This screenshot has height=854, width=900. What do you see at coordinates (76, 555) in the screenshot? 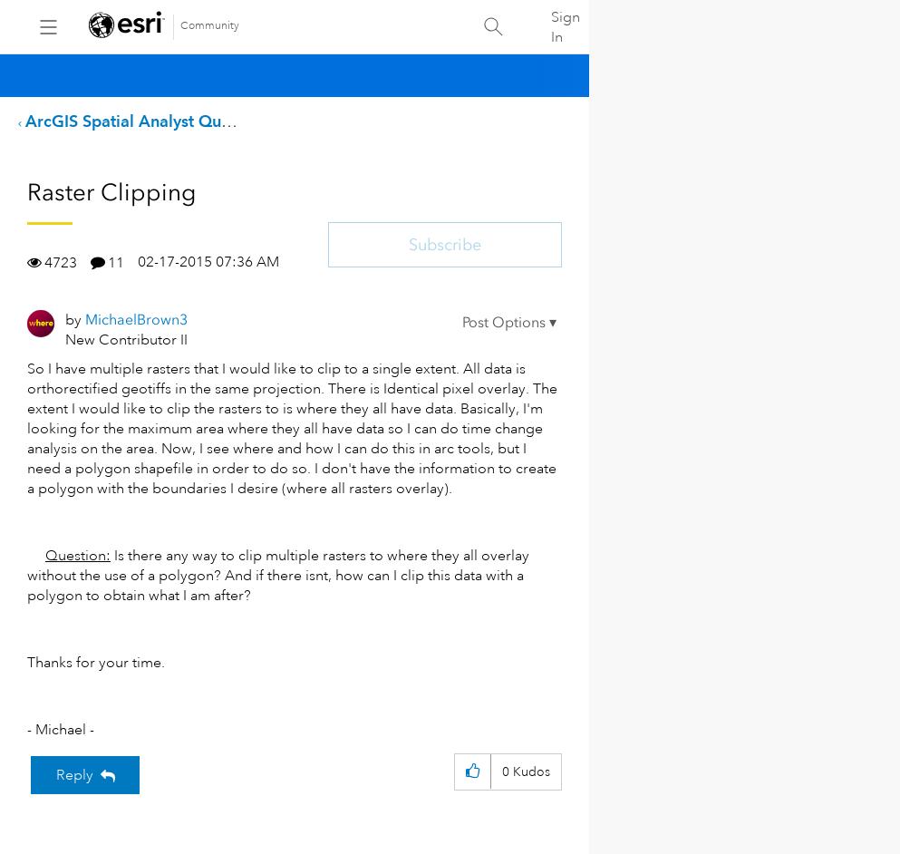
I see `'Question:'` at bounding box center [76, 555].